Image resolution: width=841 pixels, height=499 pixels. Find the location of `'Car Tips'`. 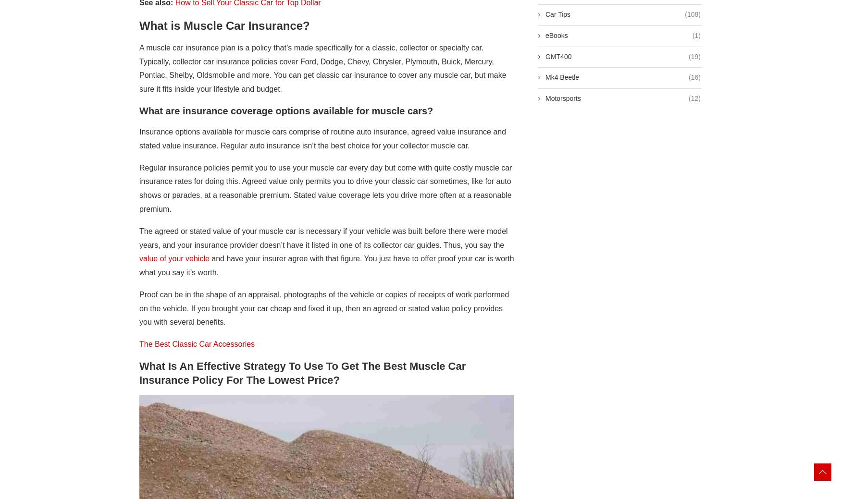

'Car Tips' is located at coordinates (557, 14).